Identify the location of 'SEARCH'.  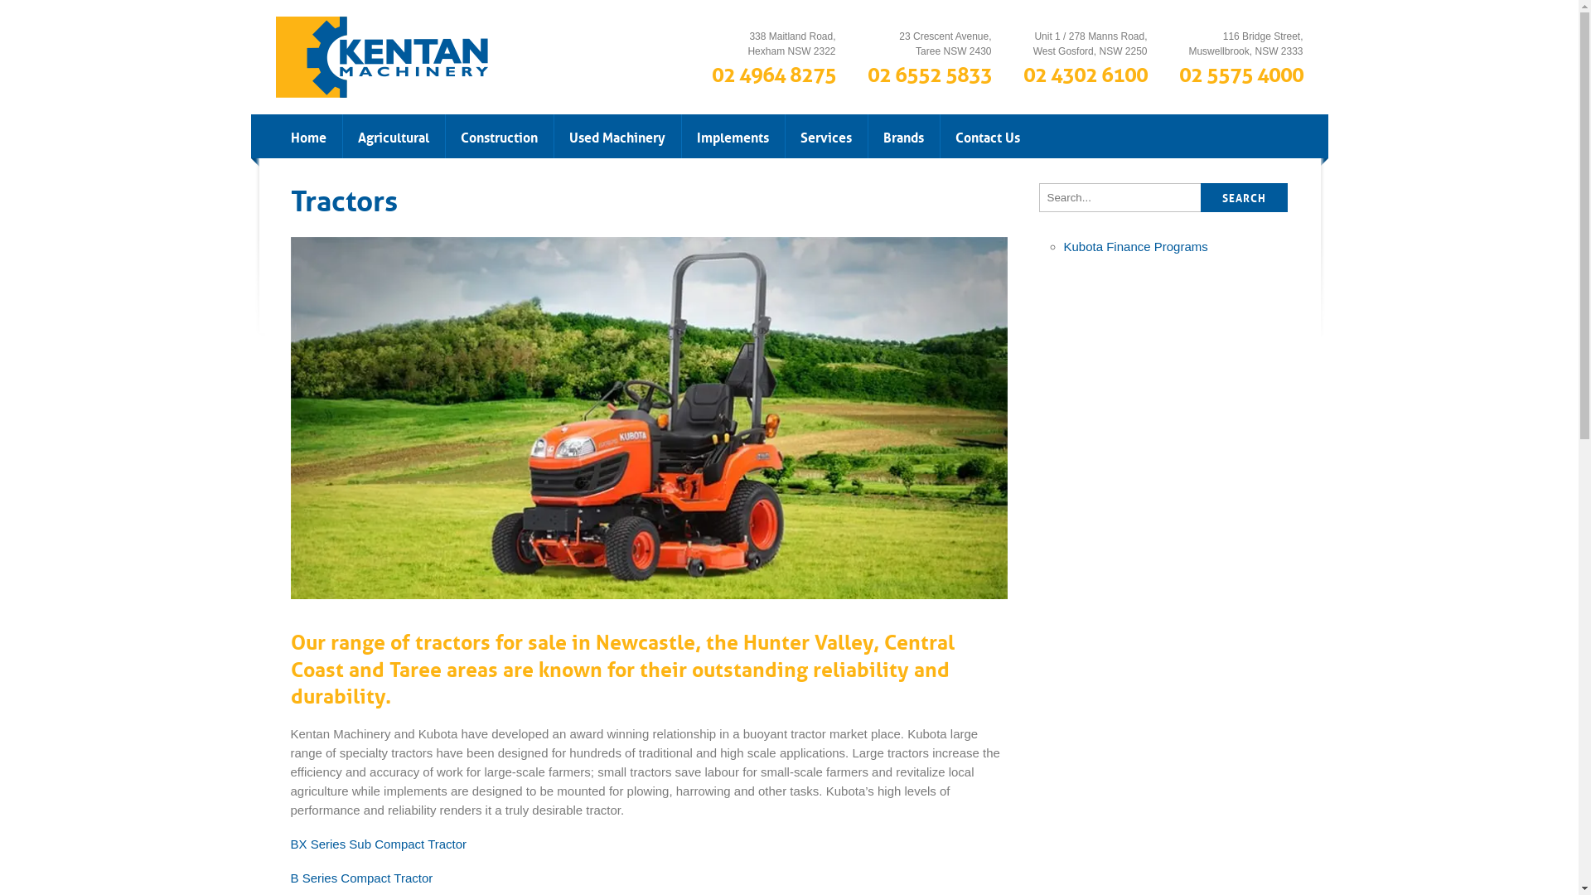
(1244, 196).